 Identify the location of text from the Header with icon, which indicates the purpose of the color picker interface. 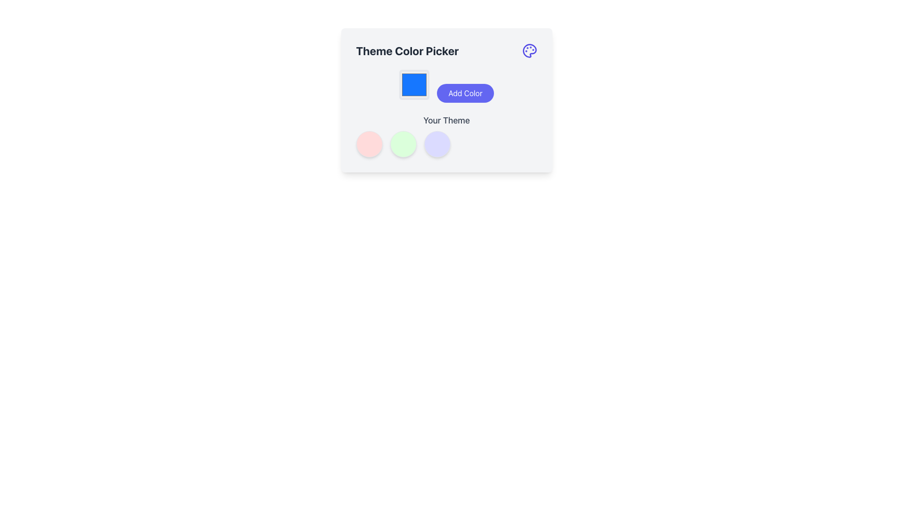
(446, 51).